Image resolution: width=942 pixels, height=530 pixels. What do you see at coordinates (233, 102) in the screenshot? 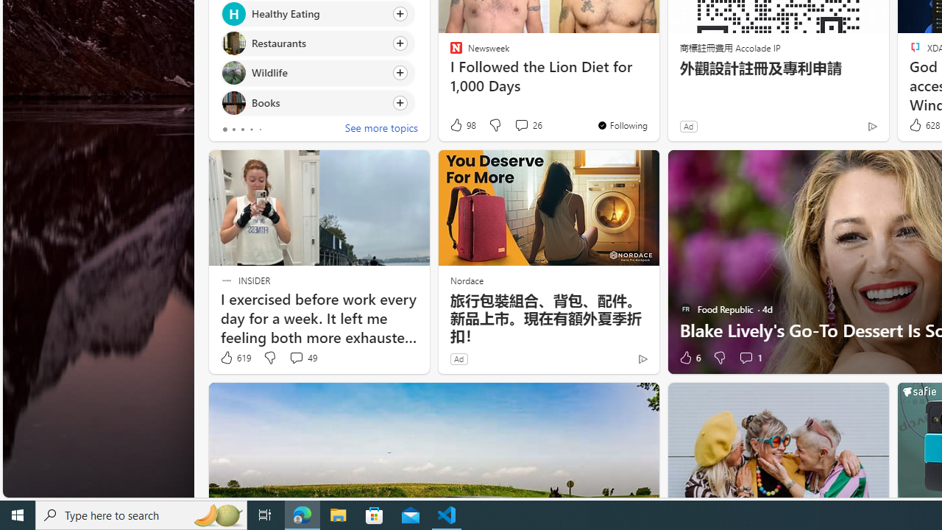
I see `'Books'` at bounding box center [233, 102].